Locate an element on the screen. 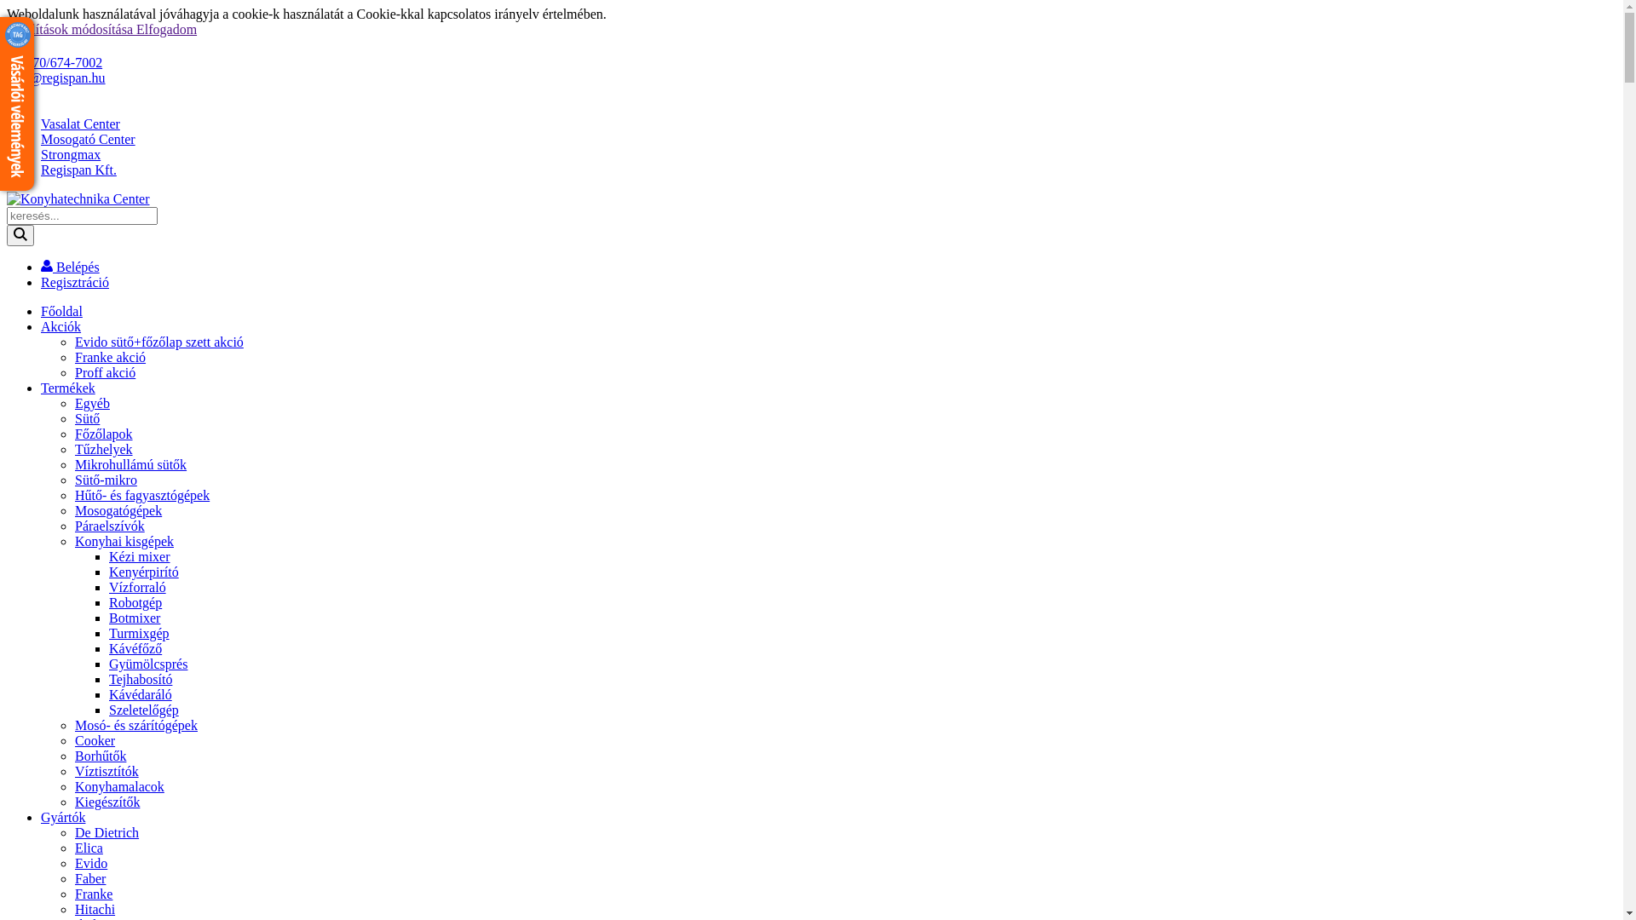 The width and height of the screenshot is (1636, 920). '+36-70/674-7002' is located at coordinates (54, 61).